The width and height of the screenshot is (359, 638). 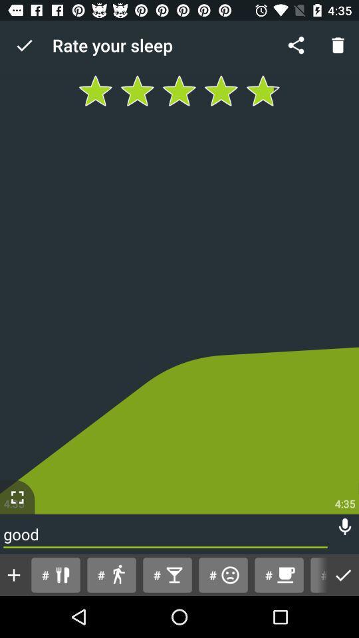 I want to click on icon next to # icon, so click(x=13, y=574).